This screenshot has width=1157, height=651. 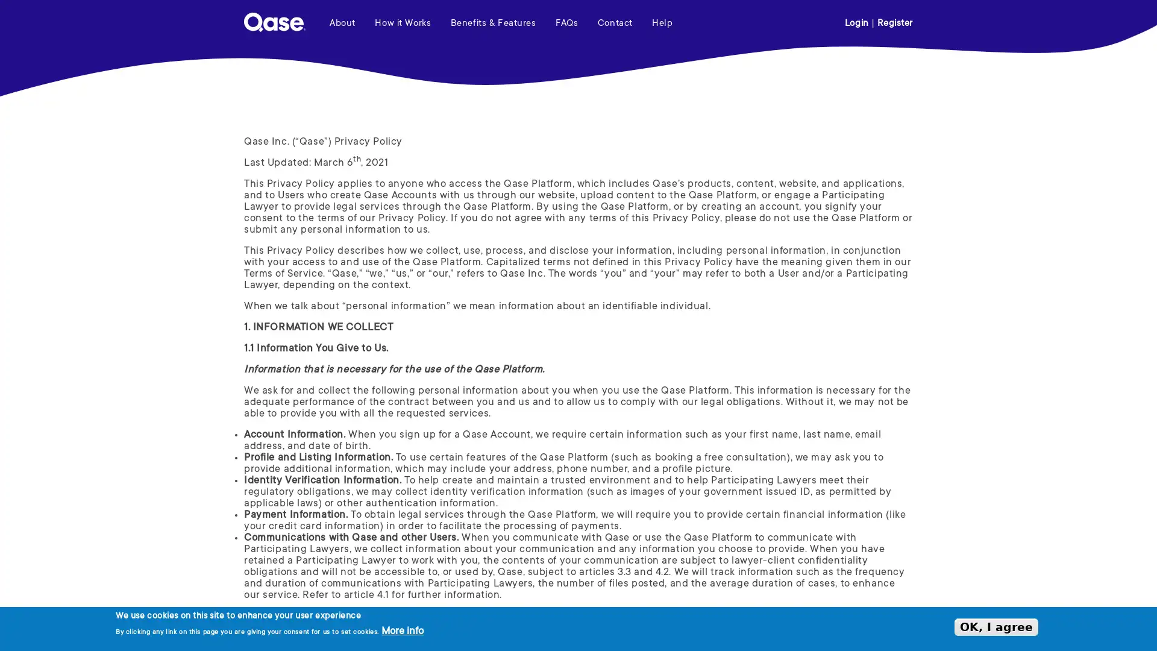 I want to click on OK, I agree, so click(x=996, y=626).